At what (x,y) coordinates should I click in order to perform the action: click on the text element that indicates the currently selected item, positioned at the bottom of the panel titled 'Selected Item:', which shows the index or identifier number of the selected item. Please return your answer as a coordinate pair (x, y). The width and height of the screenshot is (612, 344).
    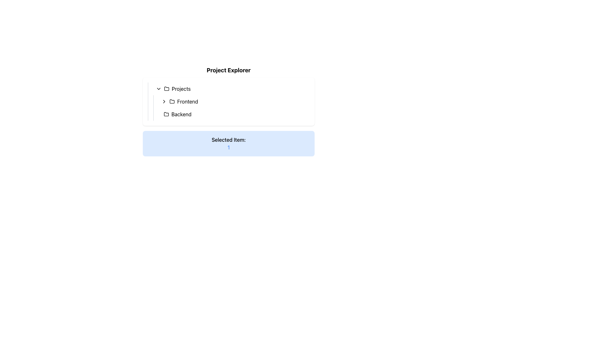
    Looking at the image, I should click on (229, 147).